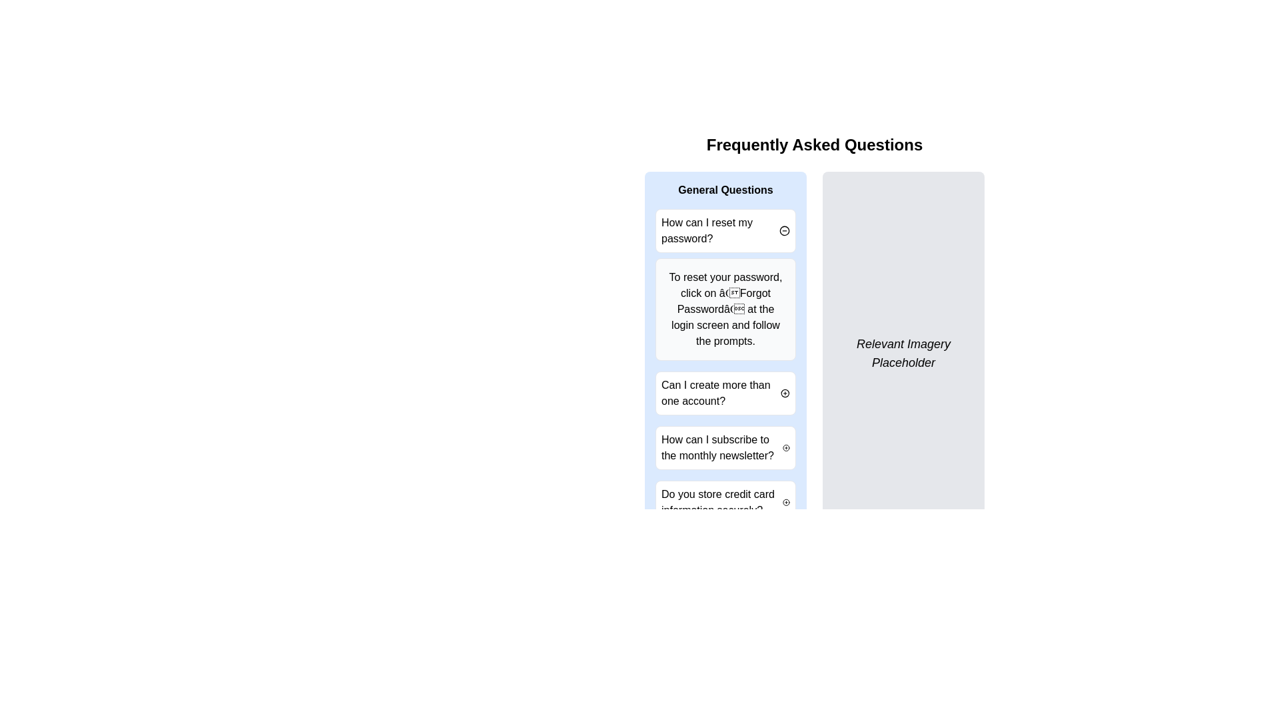 The image size is (1279, 719). What do you see at coordinates (721, 447) in the screenshot?
I see `the text label displaying 'How can I subscribe to the monthly newsletter?' which is the fourth item in the FAQ list under 'General Questions'` at bounding box center [721, 447].